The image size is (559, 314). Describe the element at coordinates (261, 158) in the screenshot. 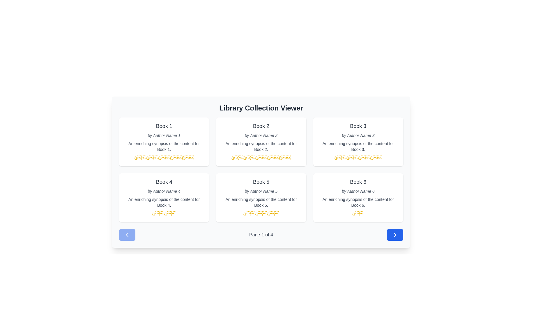

I see `the third yellow star-shaped icon in the rating system located under the book title and author information for 'Book 2'` at that location.